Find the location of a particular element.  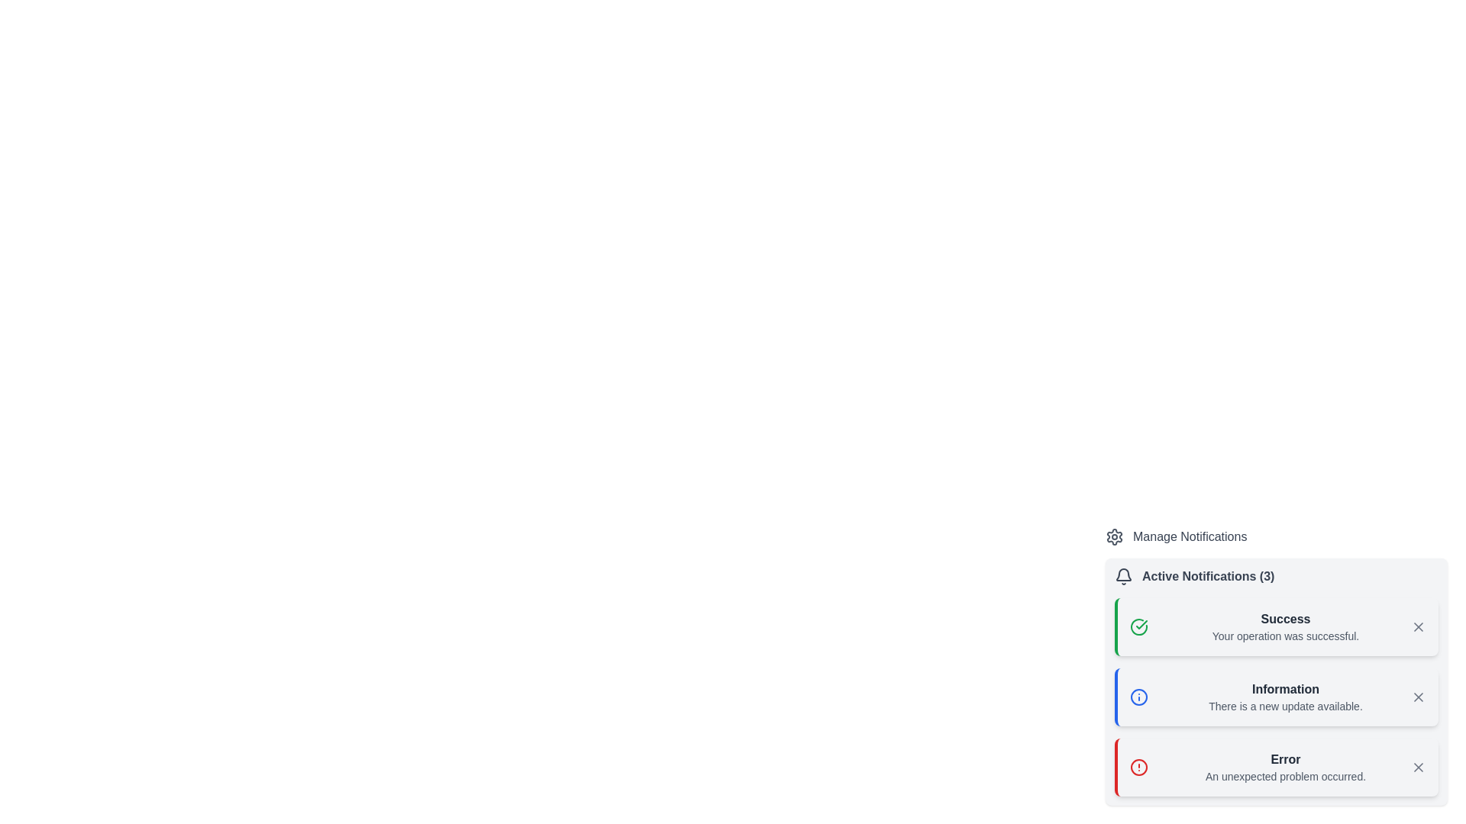

the settings icon located in the 'Manage Notifications' section at the top-right corner of the application interface is located at coordinates (1114, 536).